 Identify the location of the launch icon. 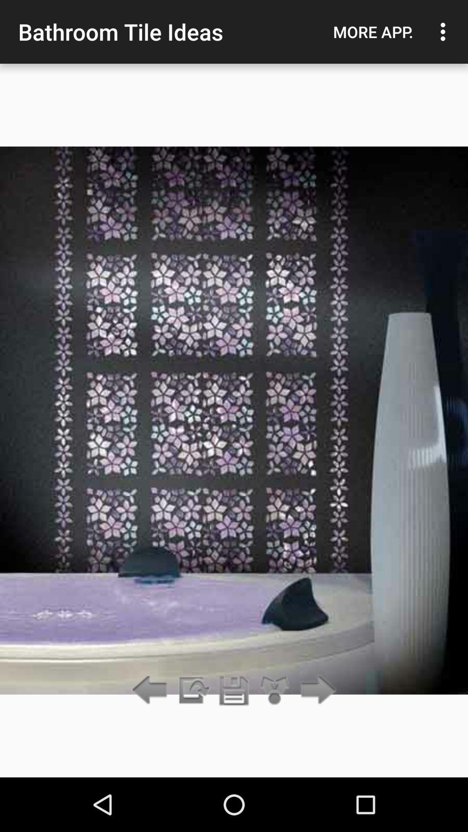
(192, 690).